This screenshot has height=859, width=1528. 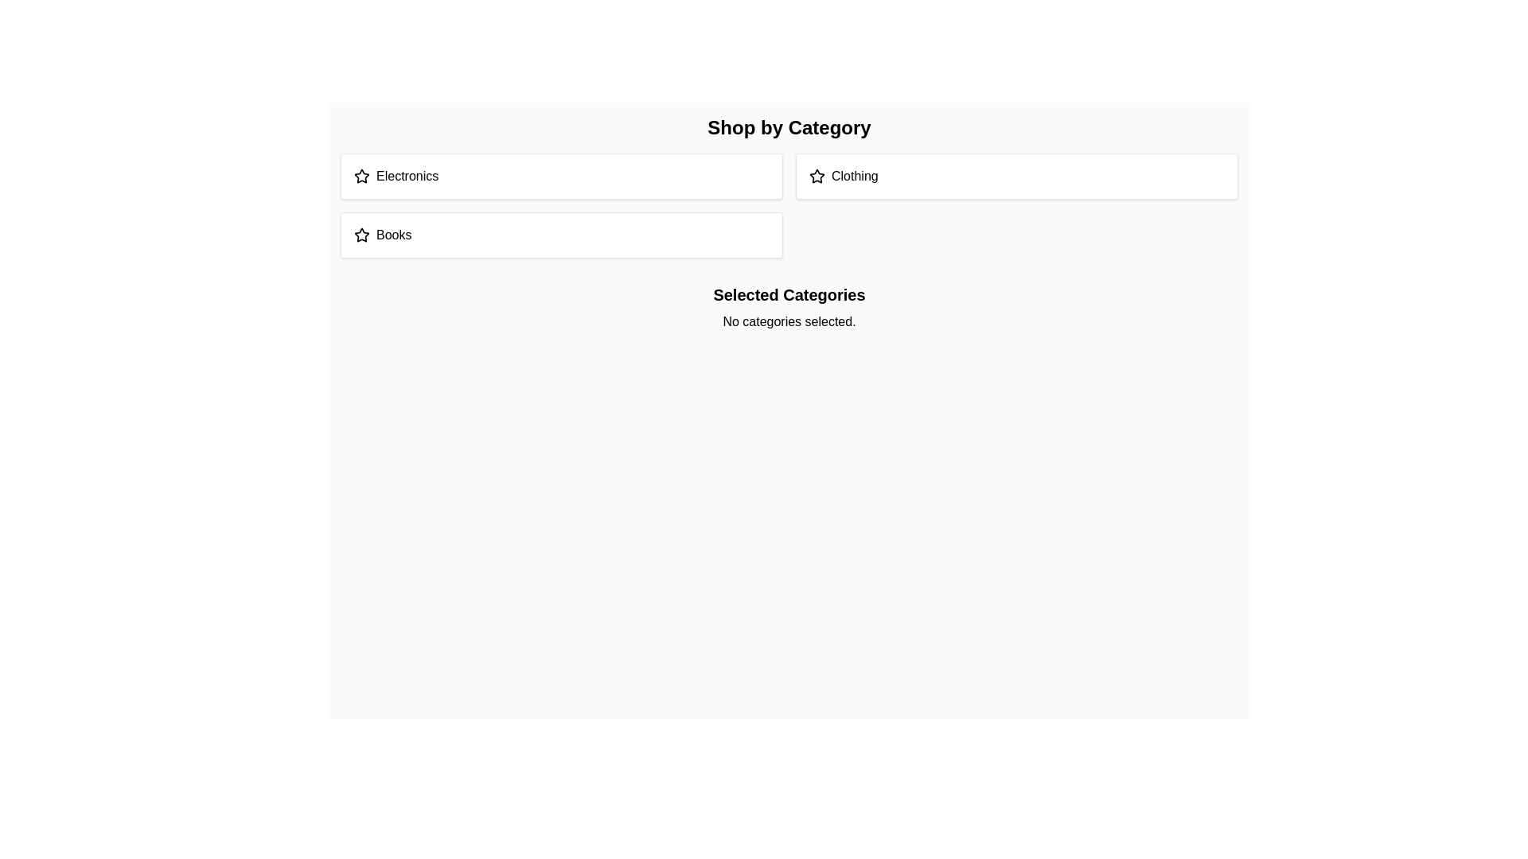 I want to click on the Text element (Heading) that serves as the title for the section displaying selected categories, located above a message text that reads 'No categories selected.', so click(x=789, y=294).